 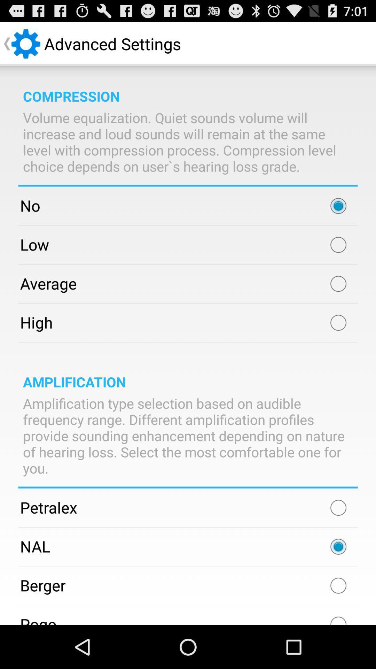 What do you see at coordinates (338, 508) in the screenshot?
I see `to turn on this option` at bounding box center [338, 508].